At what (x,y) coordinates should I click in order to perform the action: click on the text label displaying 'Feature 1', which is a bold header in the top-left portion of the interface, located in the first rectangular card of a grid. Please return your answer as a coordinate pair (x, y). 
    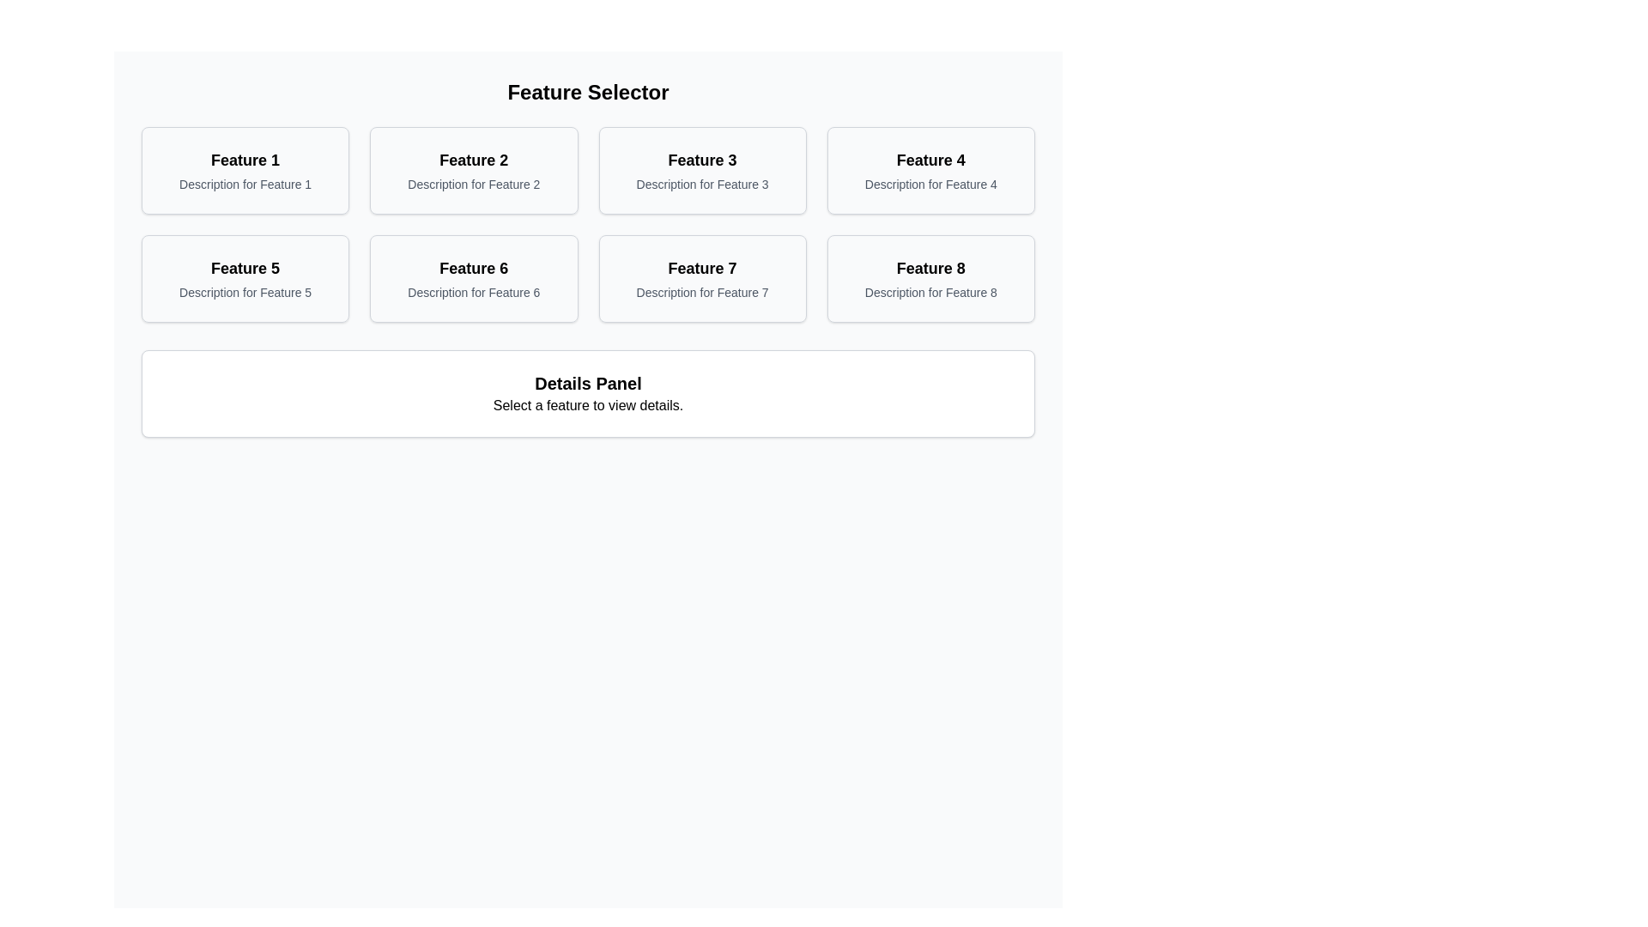
    Looking at the image, I should click on (245, 160).